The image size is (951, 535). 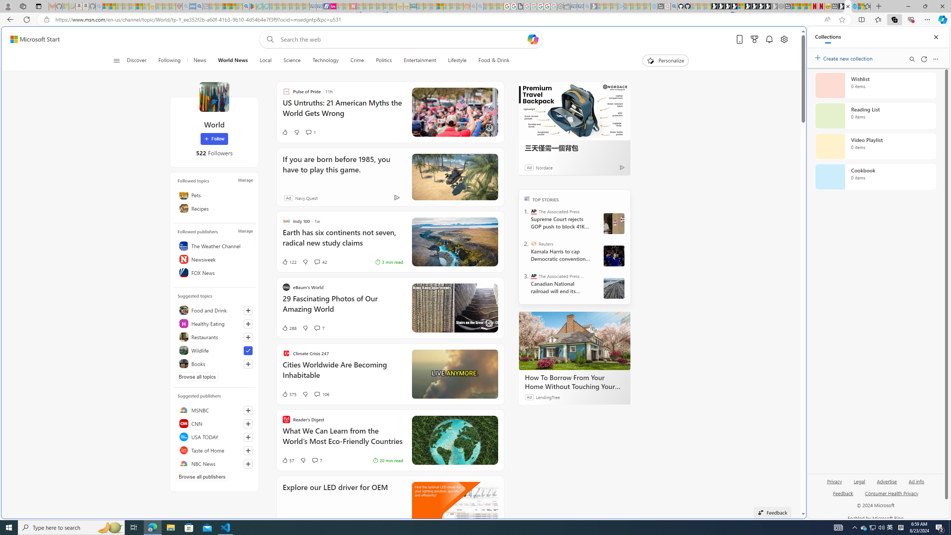 I want to click on 'Food and Drink', so click(x=214, y=310).